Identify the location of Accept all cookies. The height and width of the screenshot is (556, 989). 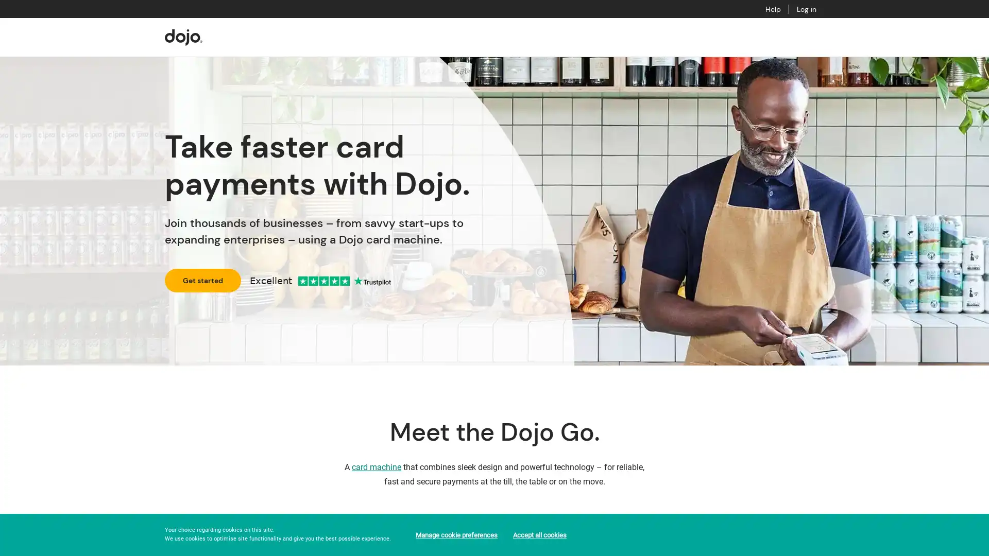
(539, 534).